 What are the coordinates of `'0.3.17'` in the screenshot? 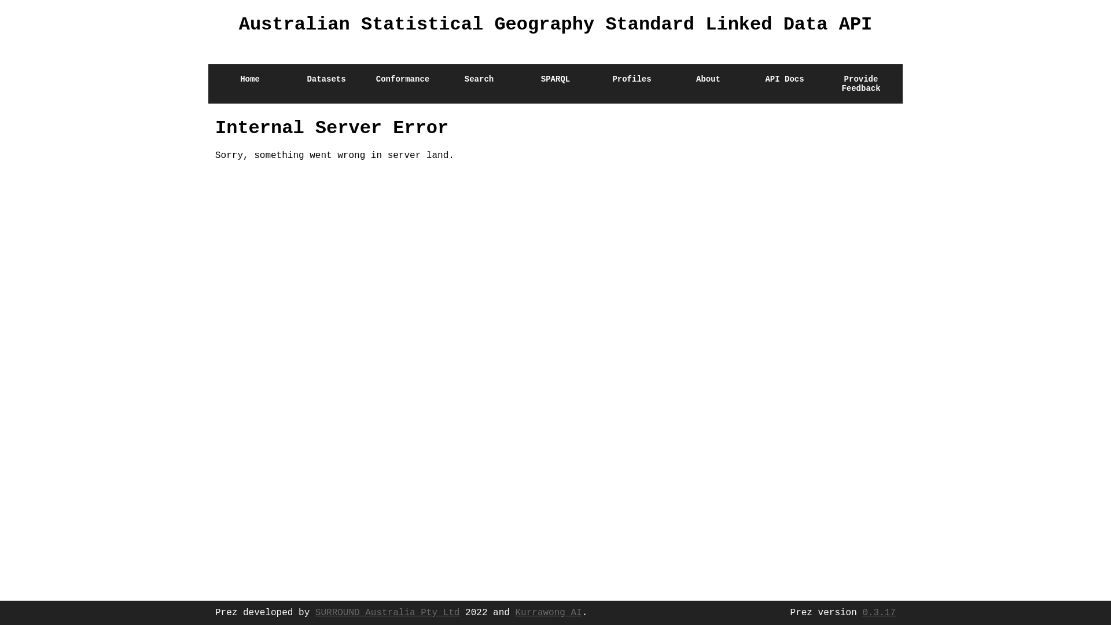 It's located at (878, 612).